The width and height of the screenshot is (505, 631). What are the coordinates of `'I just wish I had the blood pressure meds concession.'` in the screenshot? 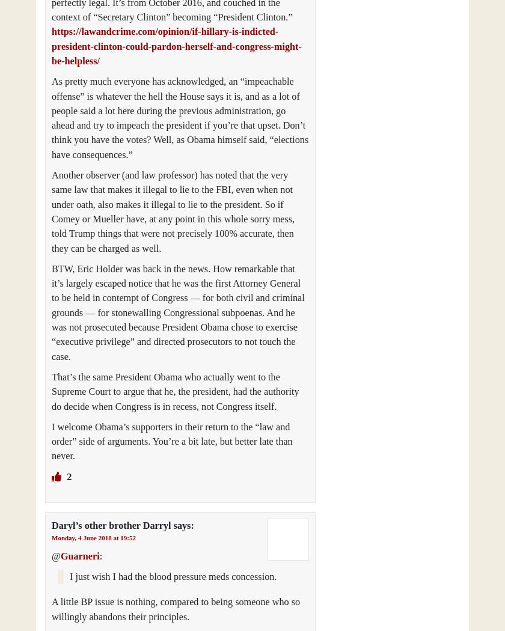 It's located at (173, 576).